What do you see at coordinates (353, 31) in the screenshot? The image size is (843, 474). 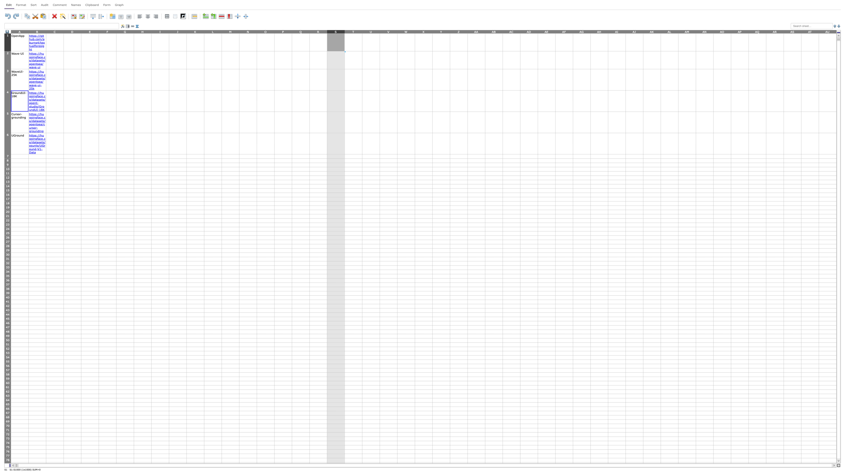 I see `column T` at bounding box center [353, 31].